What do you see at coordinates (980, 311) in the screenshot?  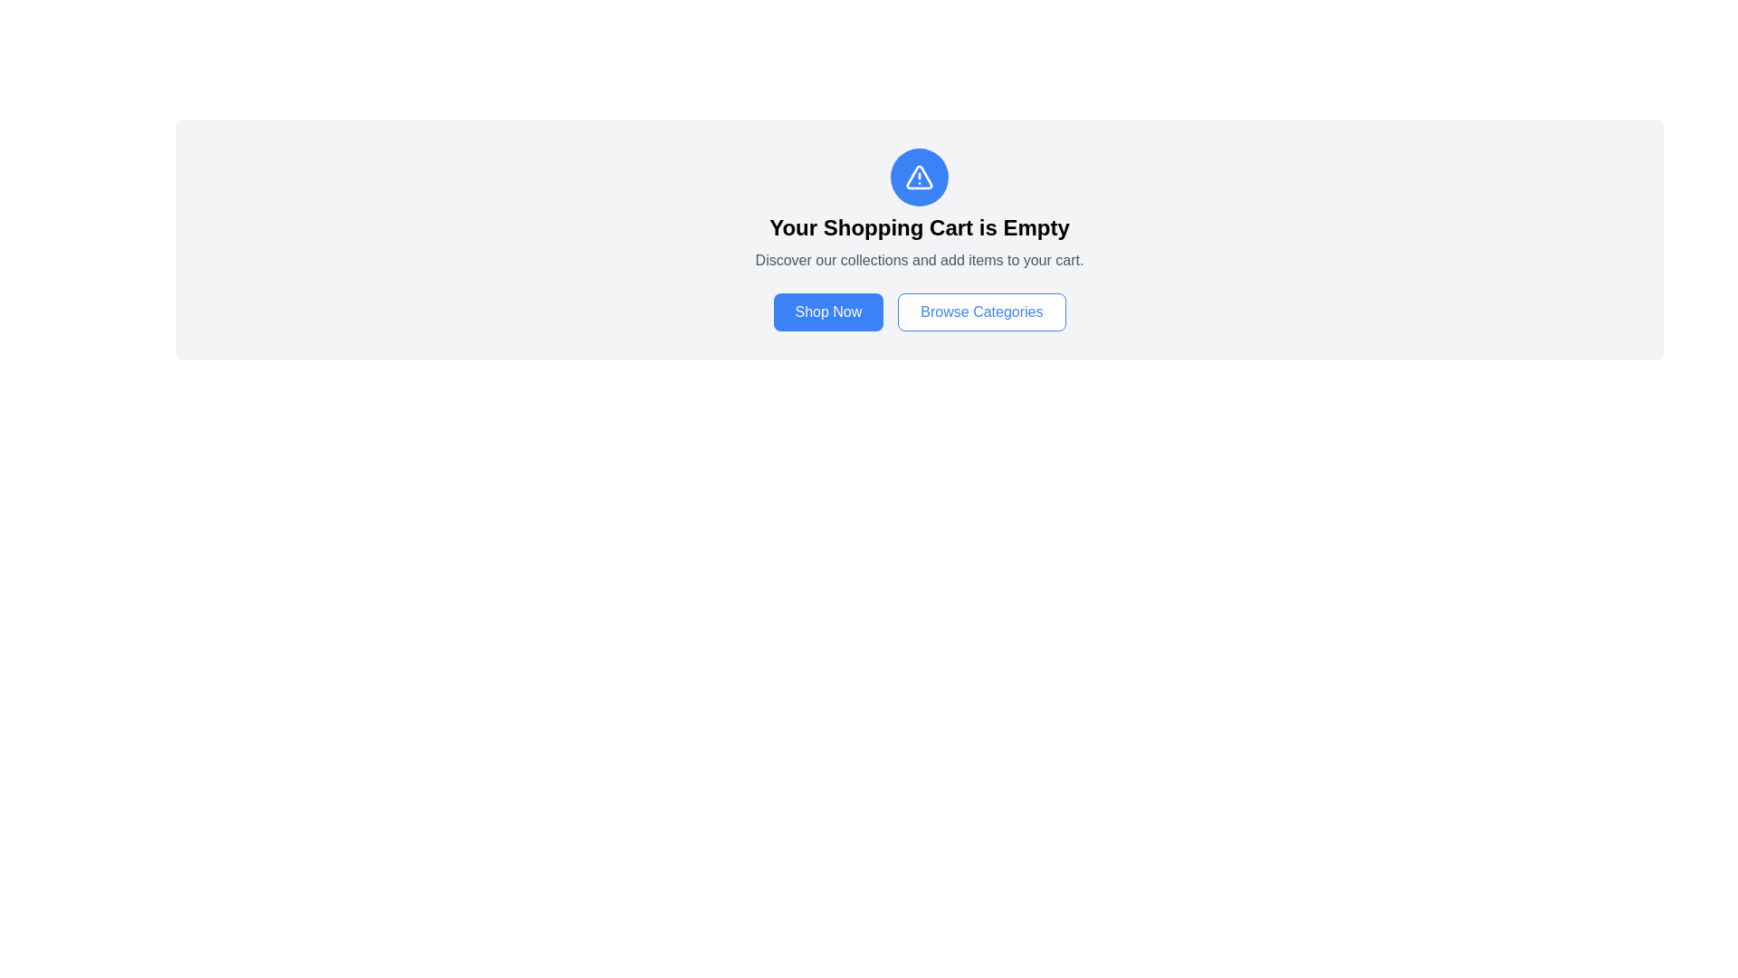 I see `the navigation button located to the right of the 'Shop Now' button, which allows users` at bounding box center [980, 311].